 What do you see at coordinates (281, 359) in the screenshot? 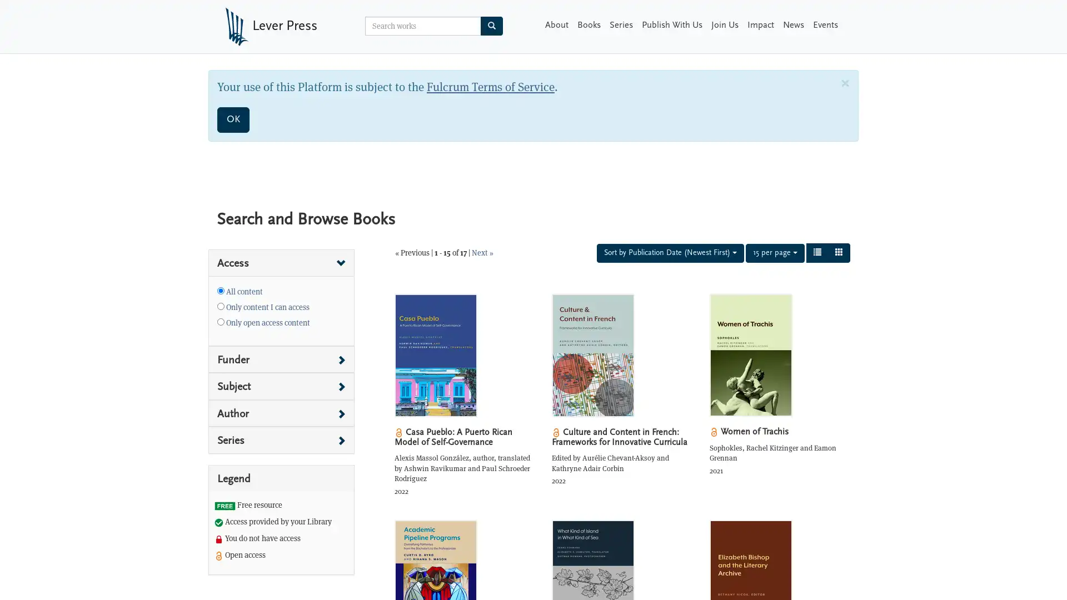
I see `Filter search results by Funder` at bounding box center [281, 359].